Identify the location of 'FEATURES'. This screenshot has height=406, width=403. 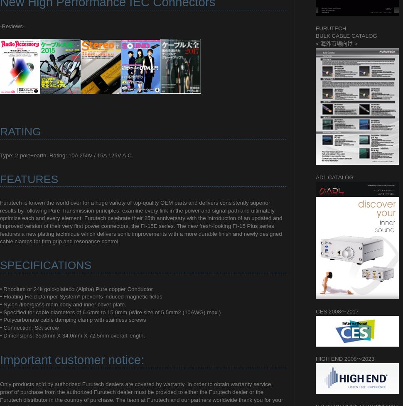
(29, 179).